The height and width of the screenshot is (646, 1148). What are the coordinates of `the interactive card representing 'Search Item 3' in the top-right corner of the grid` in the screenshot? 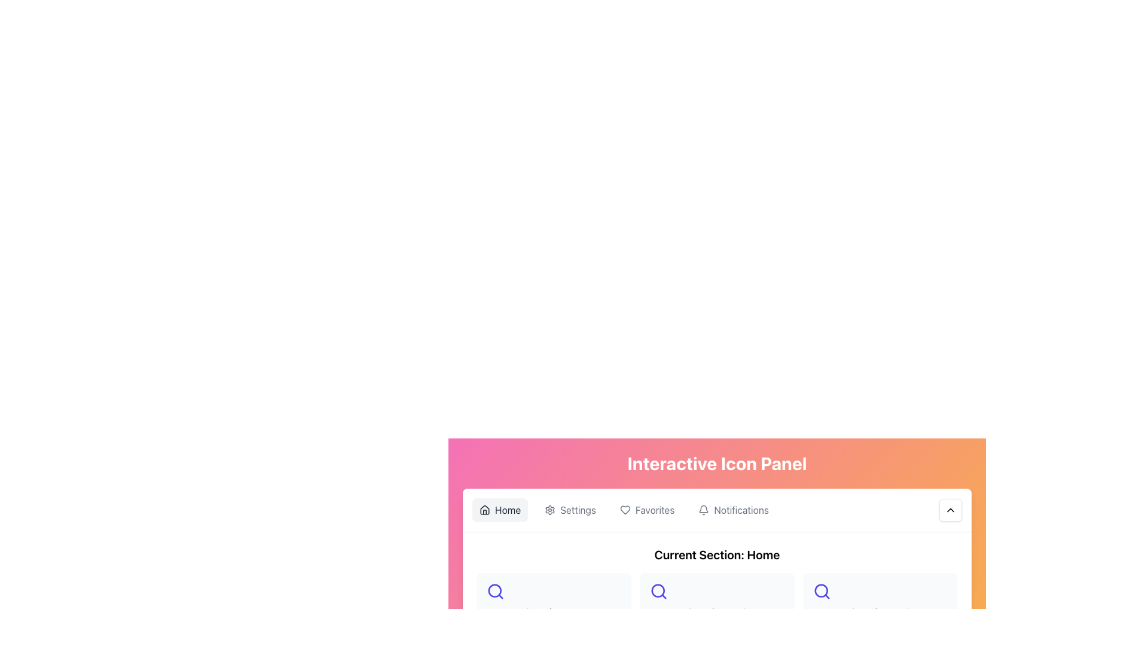 It's located at (880, 601).